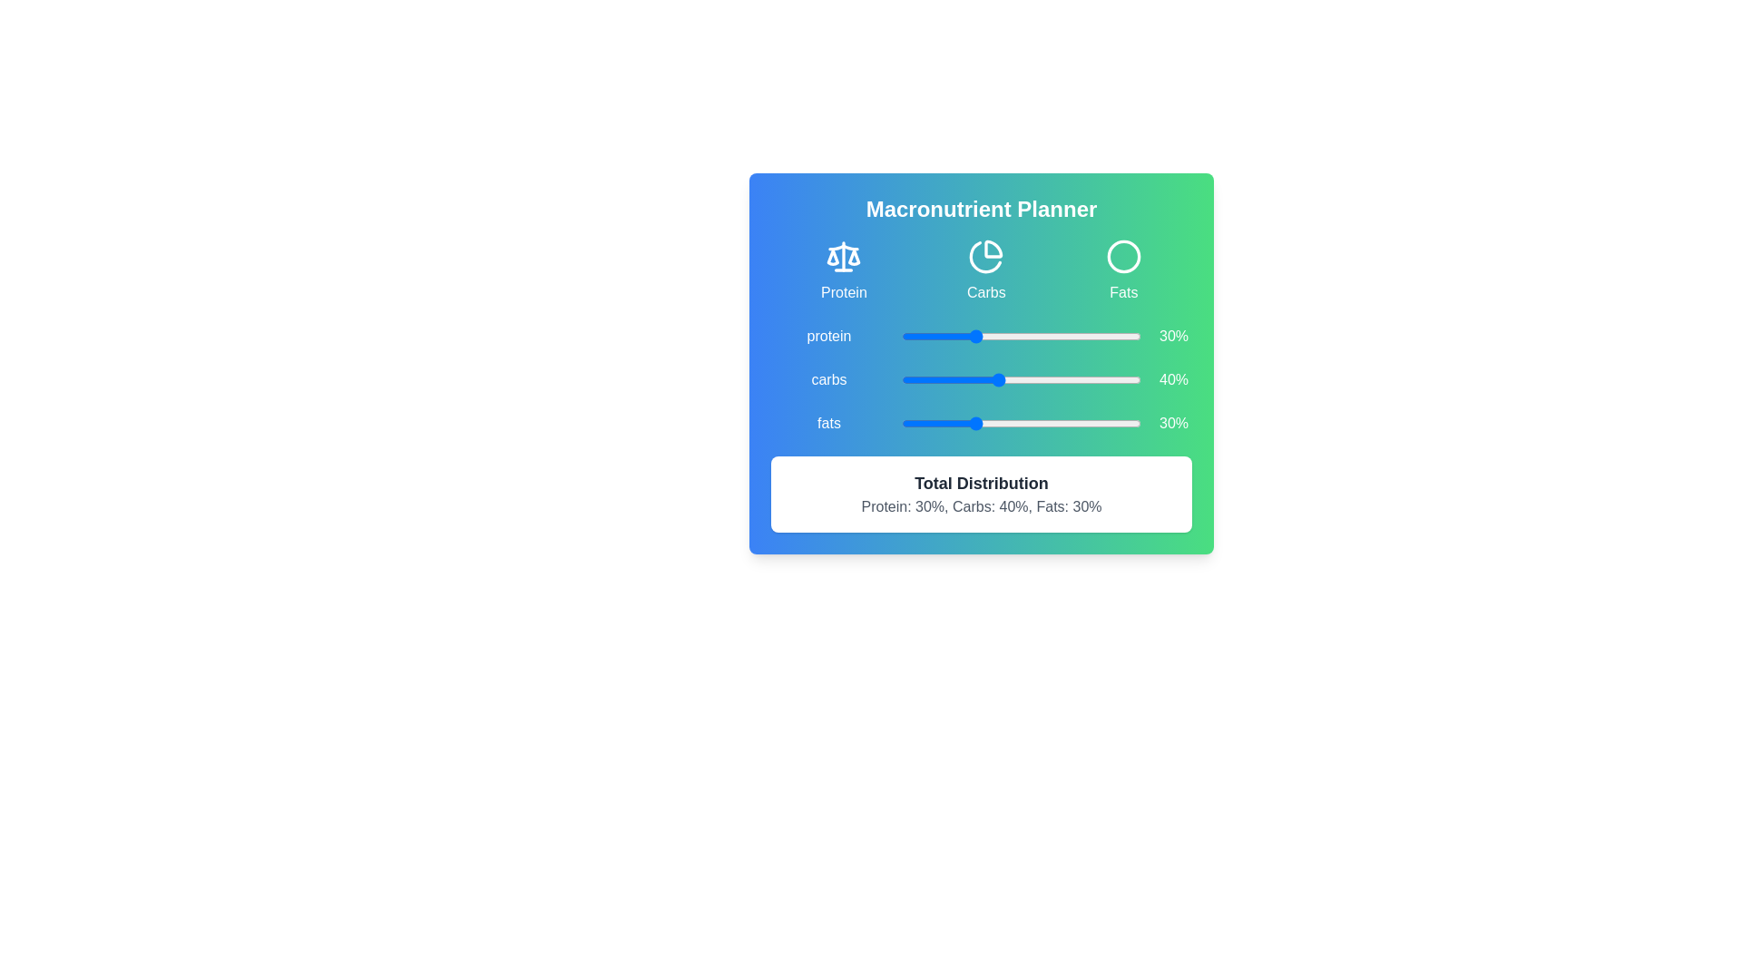 The image size is (1742, 980). Describe the element at coordinates (980, 507) in the screenshot. I see `the informational text label that displays the percentage breakdown of macronutrient distribution, located below the title 'Total Distribution' in the macronutrient planner interface` at that location.